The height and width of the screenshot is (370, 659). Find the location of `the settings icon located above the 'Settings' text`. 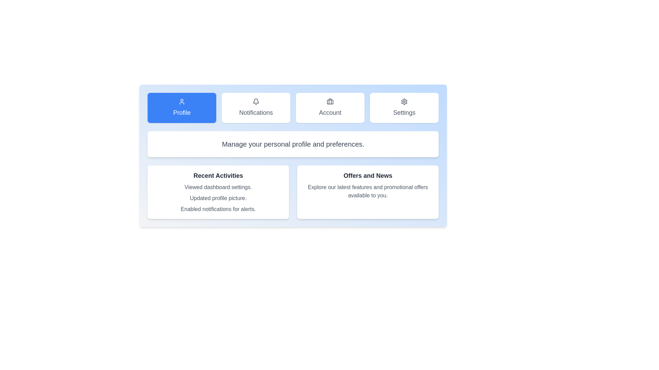

the settings icon located above the 'Settings' text is located at coordinates (404, 102).